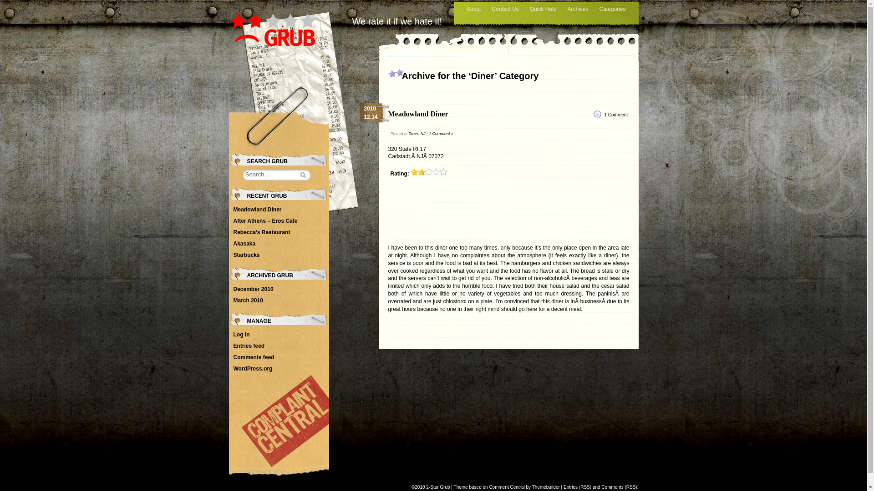 This screenshot has height=491, width=874. I want to click on 'December 2010', so click(253, 289).